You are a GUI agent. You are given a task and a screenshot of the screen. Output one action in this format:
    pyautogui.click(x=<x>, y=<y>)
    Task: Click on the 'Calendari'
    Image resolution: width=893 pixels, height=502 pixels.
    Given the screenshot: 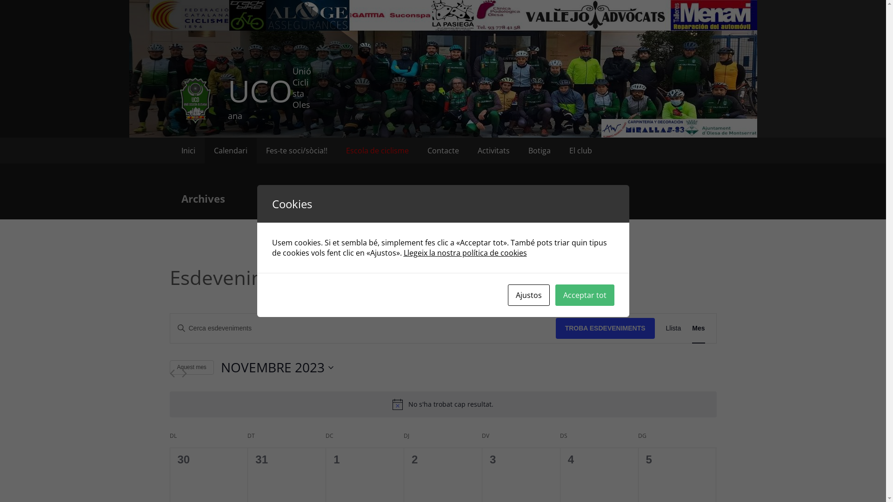 What is the action you would take?
    pyautogui.click(x=204, y=150)
    